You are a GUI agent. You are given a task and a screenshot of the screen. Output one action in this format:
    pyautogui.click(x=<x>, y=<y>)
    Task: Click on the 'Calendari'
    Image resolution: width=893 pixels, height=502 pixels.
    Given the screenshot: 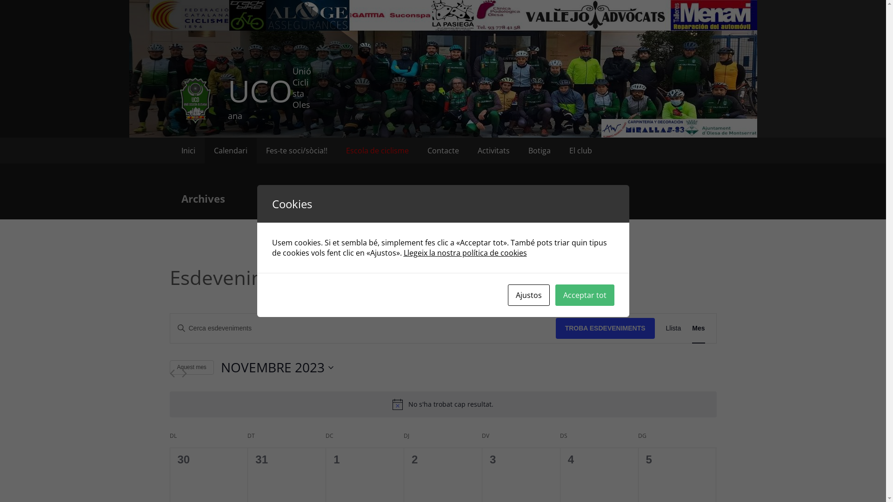 What is the action you would take?
    pyautogui.click(x=204, y=150)
    